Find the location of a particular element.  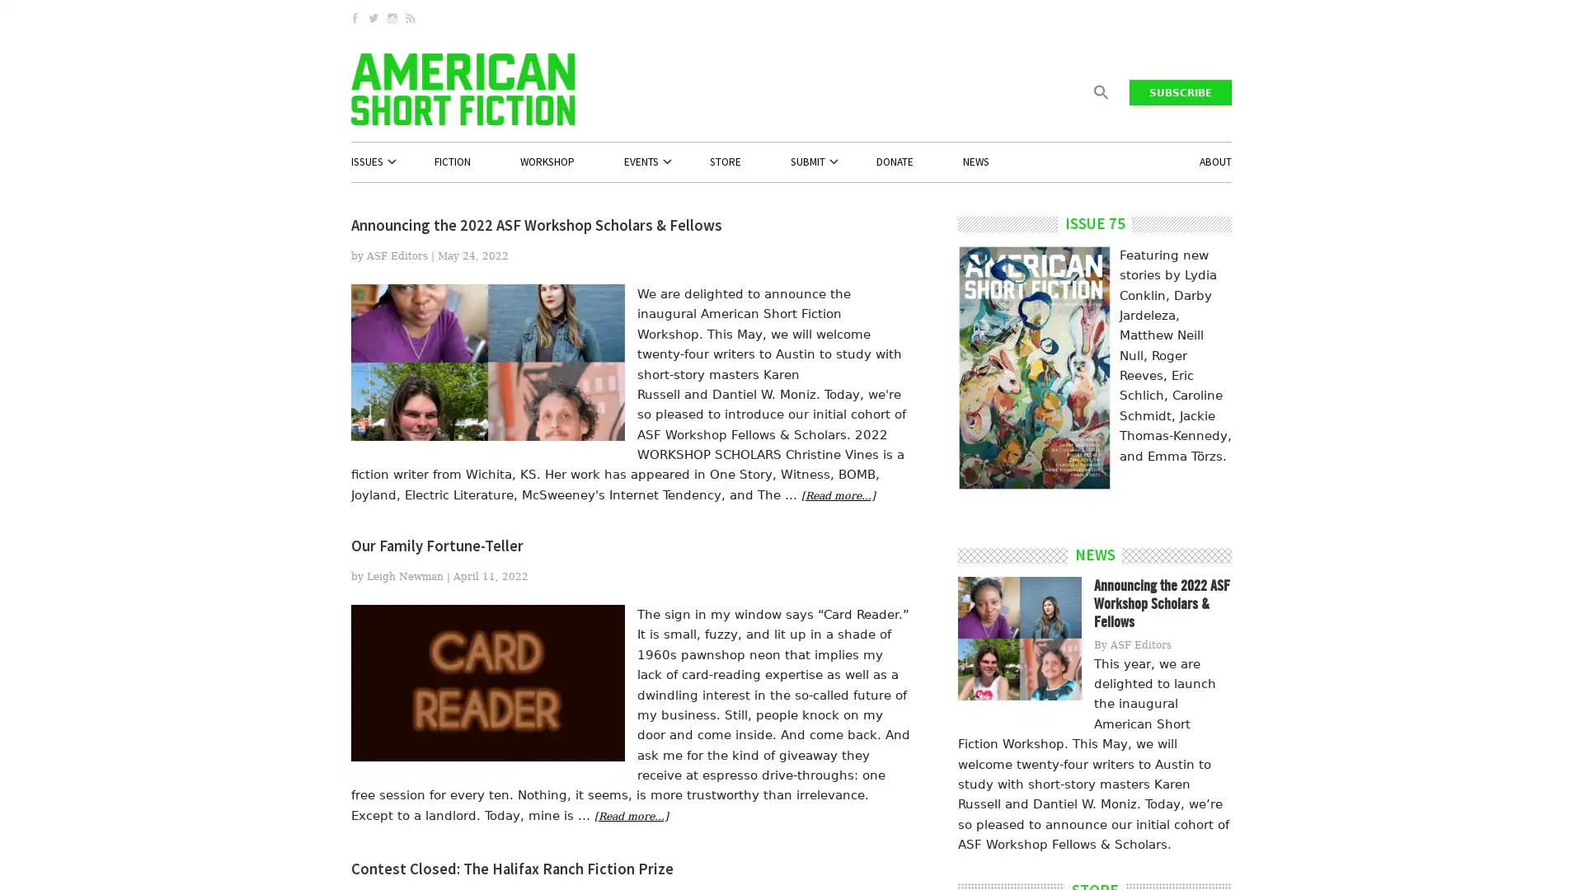

facebook is located at coordinates (355, 18).